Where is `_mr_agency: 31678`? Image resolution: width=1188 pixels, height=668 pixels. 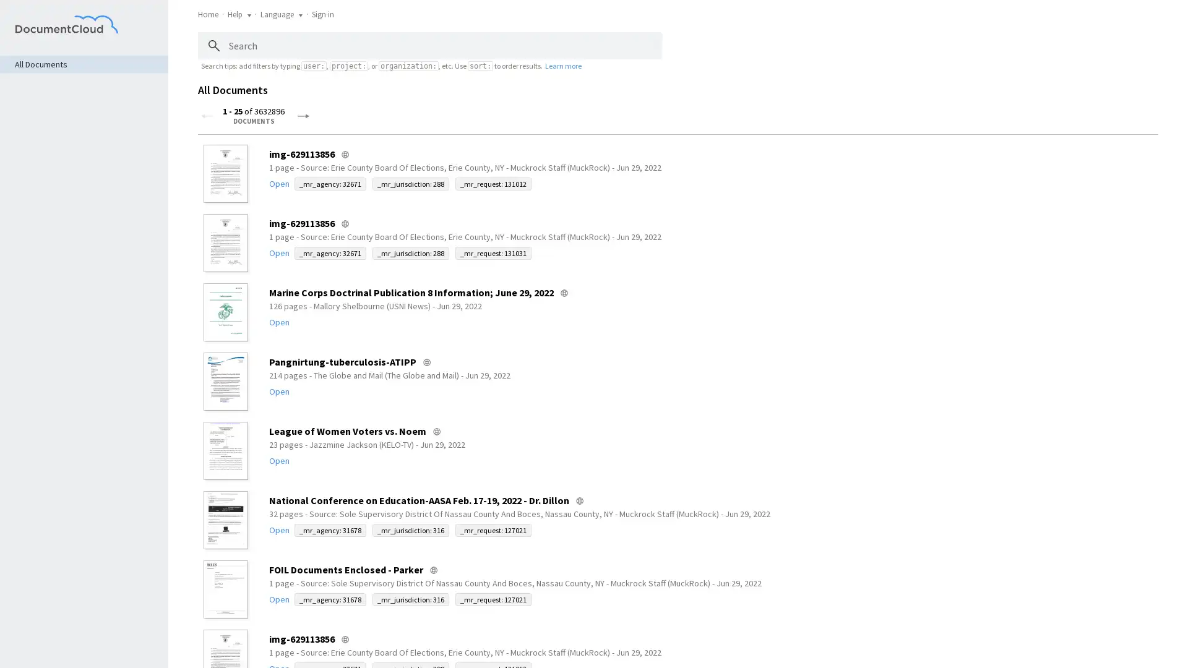
_mr_agency: 31678 is located at coordinates (330, 598).